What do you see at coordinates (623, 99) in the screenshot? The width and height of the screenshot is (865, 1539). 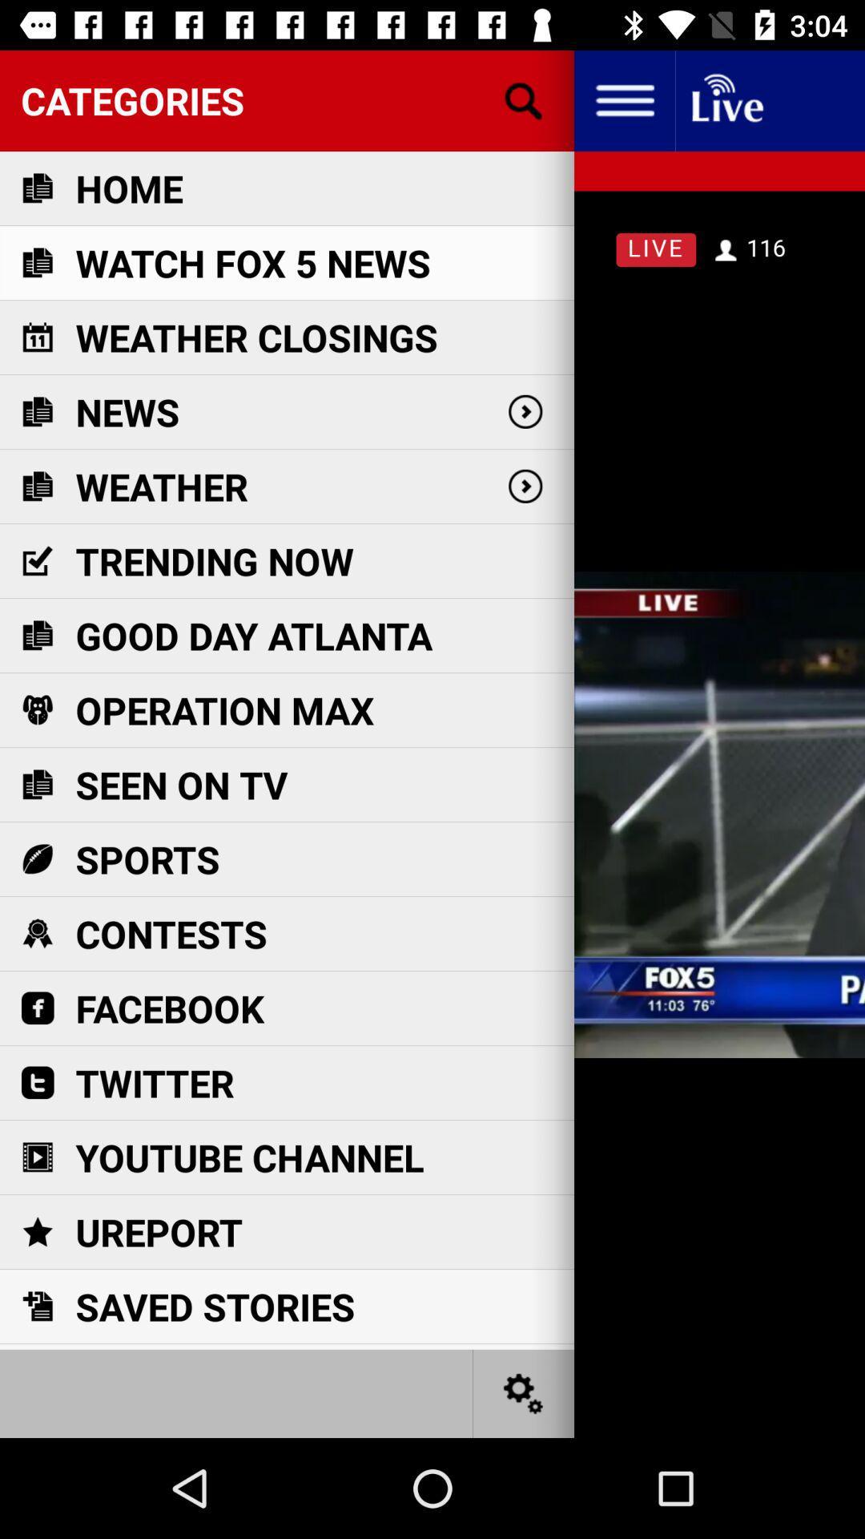 I see `settings icon` at bounding box center [623, 99].